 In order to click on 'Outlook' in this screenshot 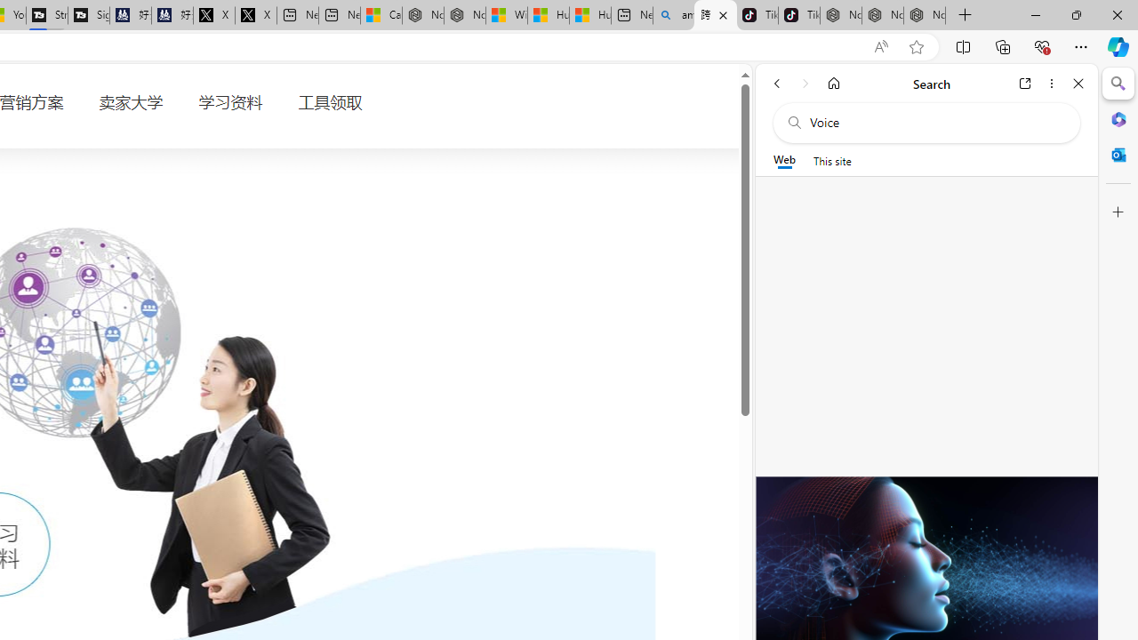, I will do `click(1118, 154)`.